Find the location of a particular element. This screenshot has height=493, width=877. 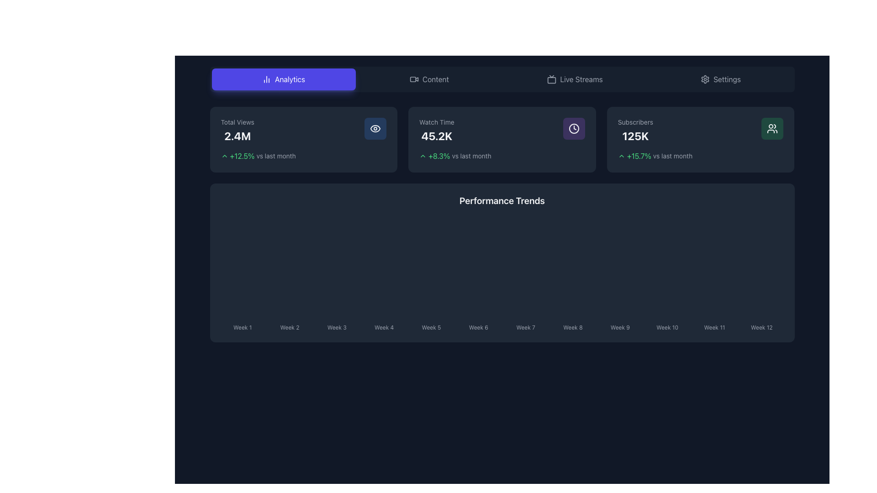

the subscriber statistics displayed, which includes the grey subtitle 'Subscribers' and the bold figure '125K' to the left, along with a green circular user icon on the right is located at coordinates (700, 130).